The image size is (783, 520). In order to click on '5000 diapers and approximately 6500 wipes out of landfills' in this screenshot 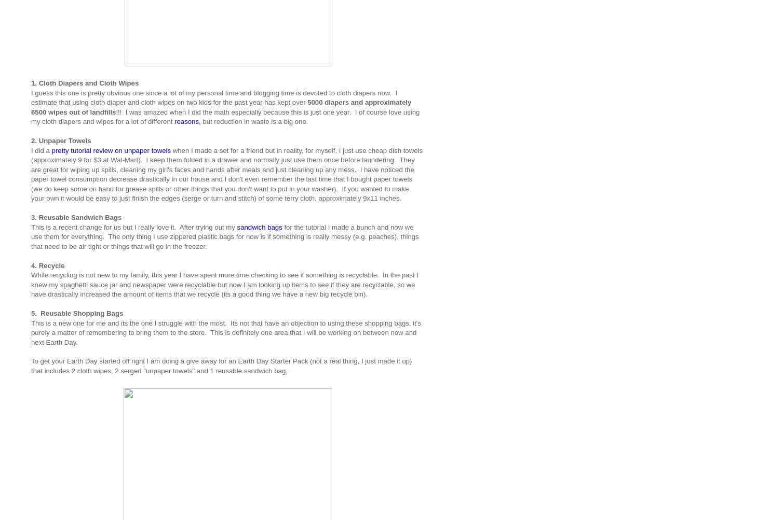, I will do `click(221, 107)`.